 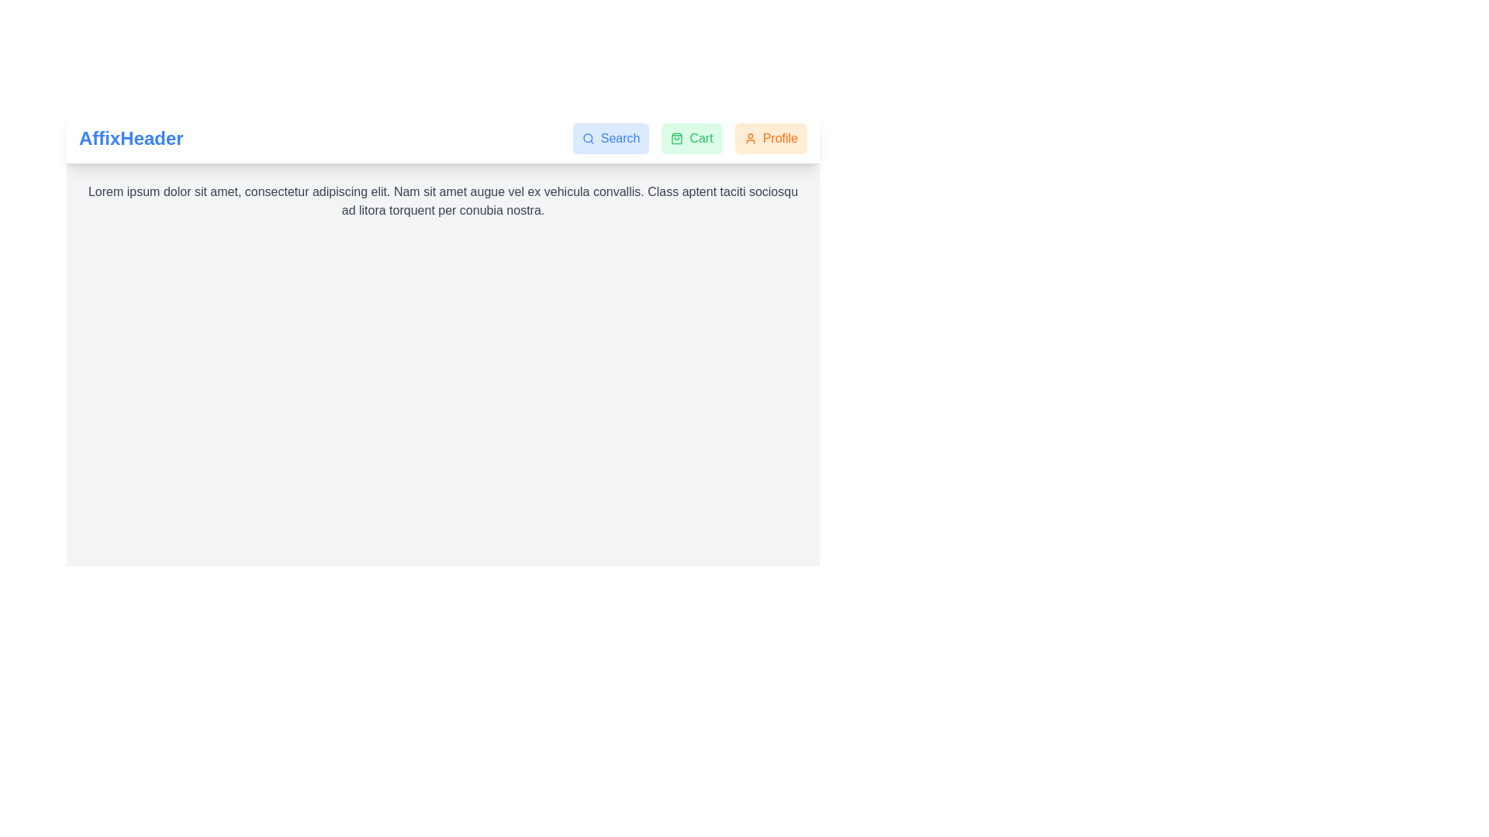 What do you see at coordinates (691, 137) in the screenshot?
I see `the shopping cart button in the navigation bar to change its color` at bounding box center [691, 137].